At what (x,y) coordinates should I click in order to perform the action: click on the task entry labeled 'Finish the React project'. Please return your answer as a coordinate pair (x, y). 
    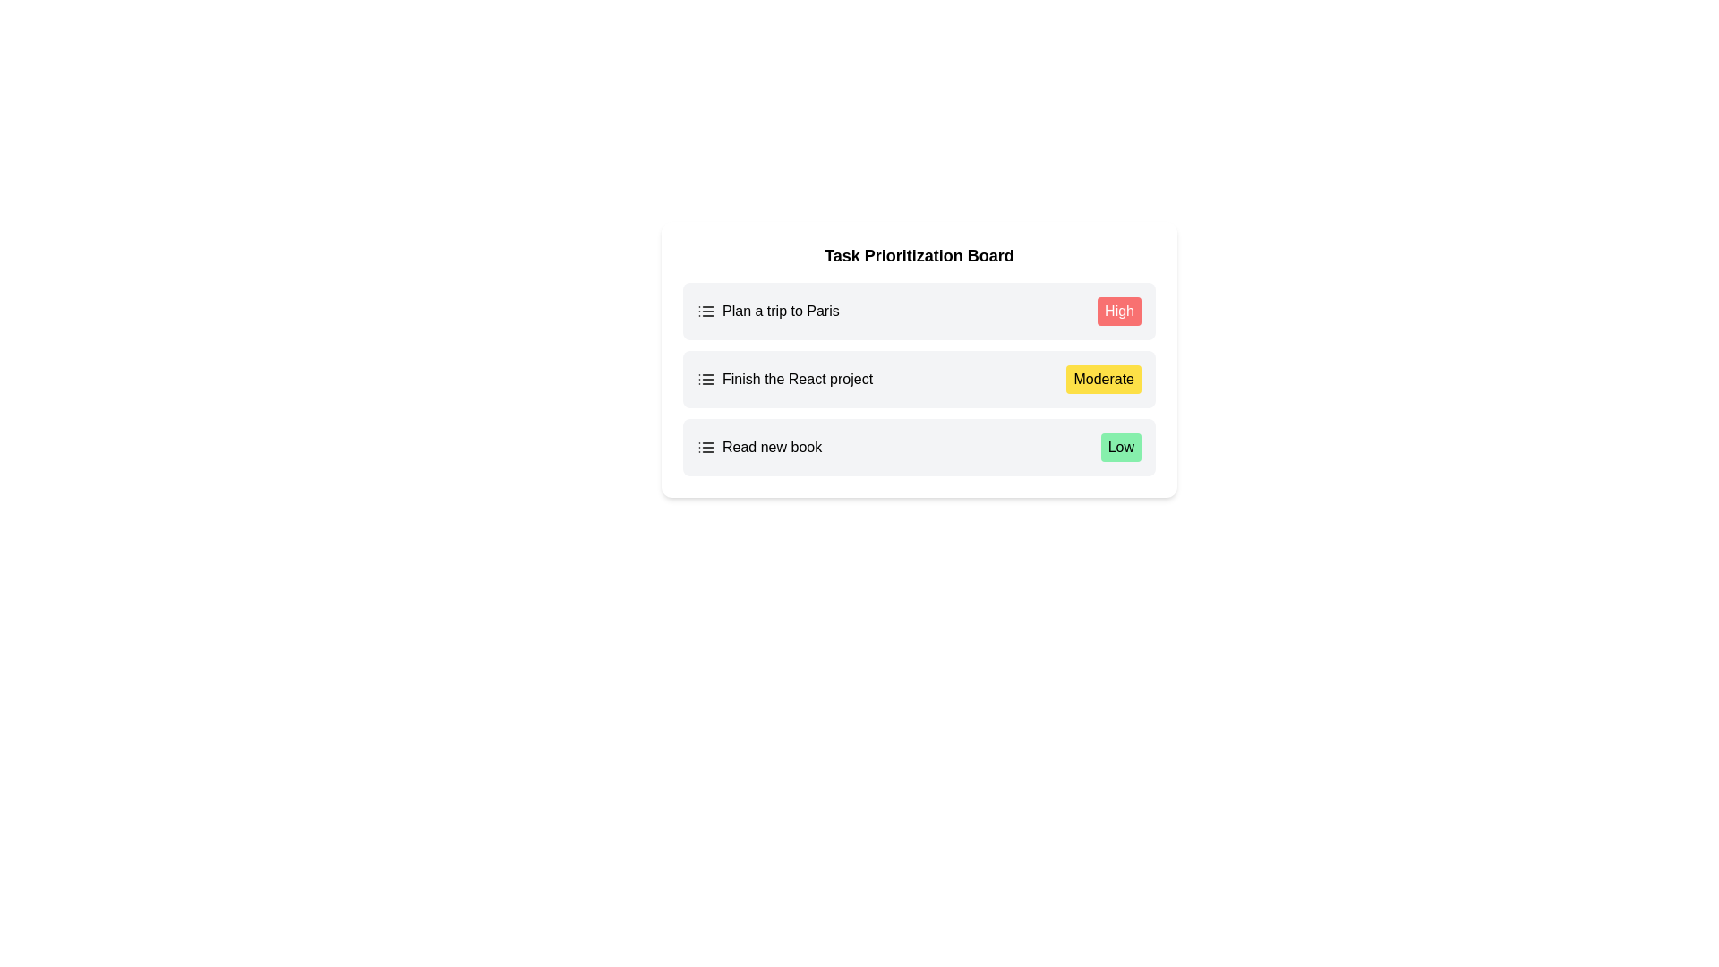
    Looking at the image, I should click on (785, 379).